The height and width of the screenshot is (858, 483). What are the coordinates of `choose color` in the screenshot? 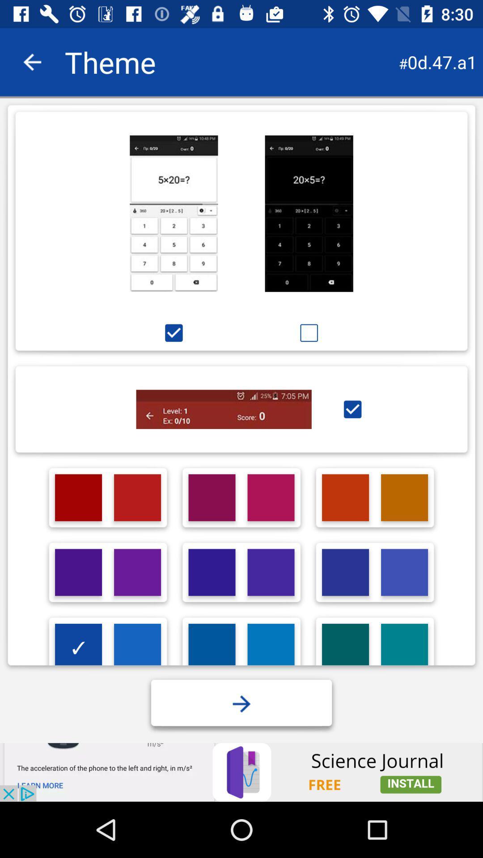 It's located at (270, 647).